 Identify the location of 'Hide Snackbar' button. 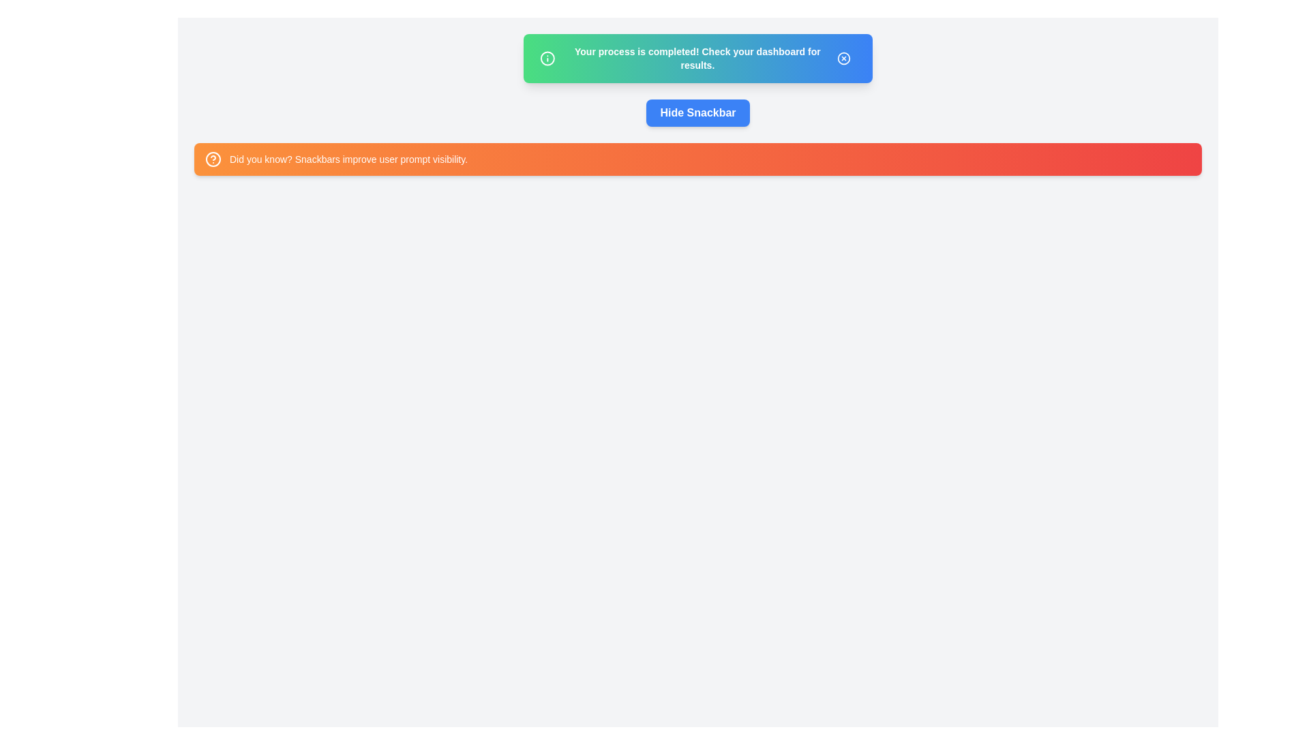
(697, 112).